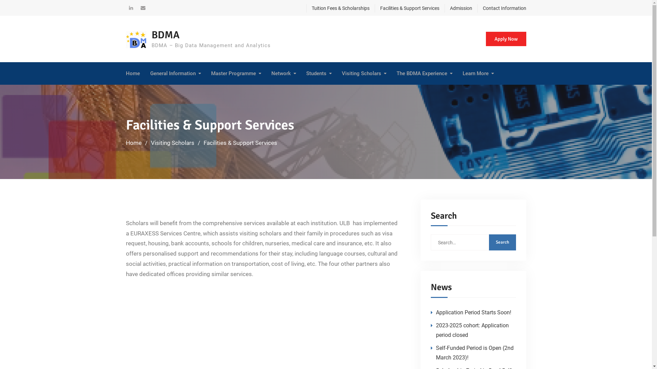  Describe the element at coordinates (463, 73) in the screenshot. I see `'Learn More'` at that location.